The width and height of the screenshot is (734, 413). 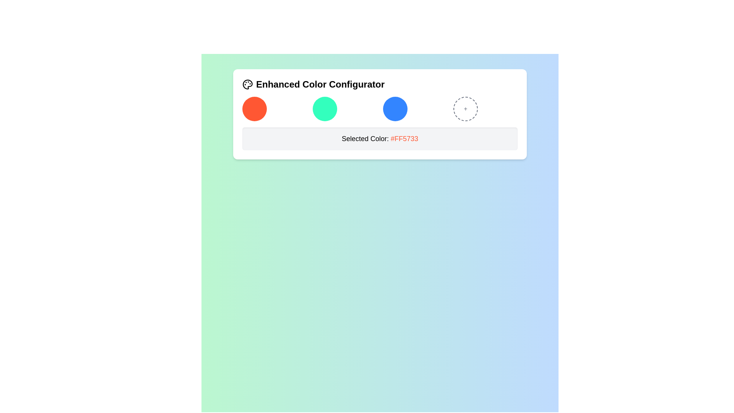 What do you see at coordinates (380, 138) in the screenshot?
I see `the Text Display Box that visually represents the currently selected color from the color palette in the 'Enhanced Color Configurator' interface` at bounding box center [380, 138].